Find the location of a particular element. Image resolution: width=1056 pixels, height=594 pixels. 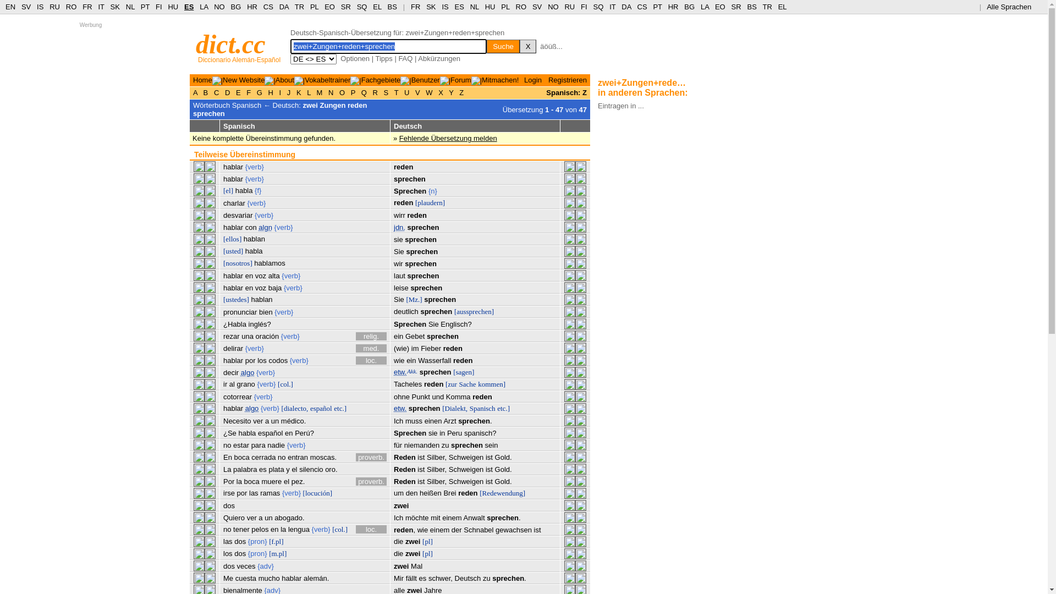

'Optionen' is located at coordinates (340, 58).